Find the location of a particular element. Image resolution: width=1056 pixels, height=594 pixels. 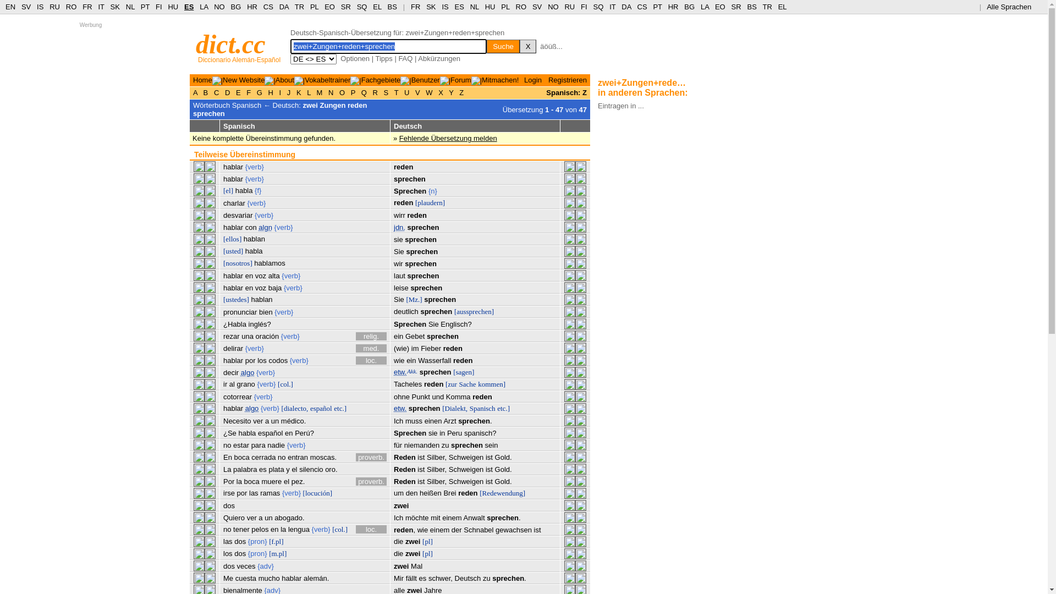

'Optionen' is located at coordinates (340, 58).